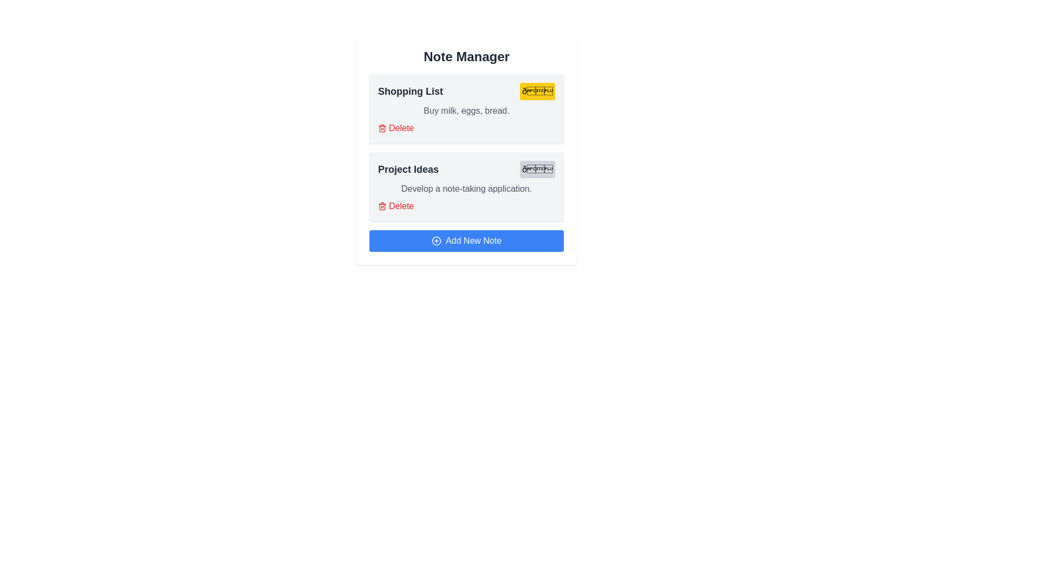  What do you see at coordinates (395, 127) in the screenshot?
I see `delete button for the note titled Shopping List` at bounding box center [395, 127].